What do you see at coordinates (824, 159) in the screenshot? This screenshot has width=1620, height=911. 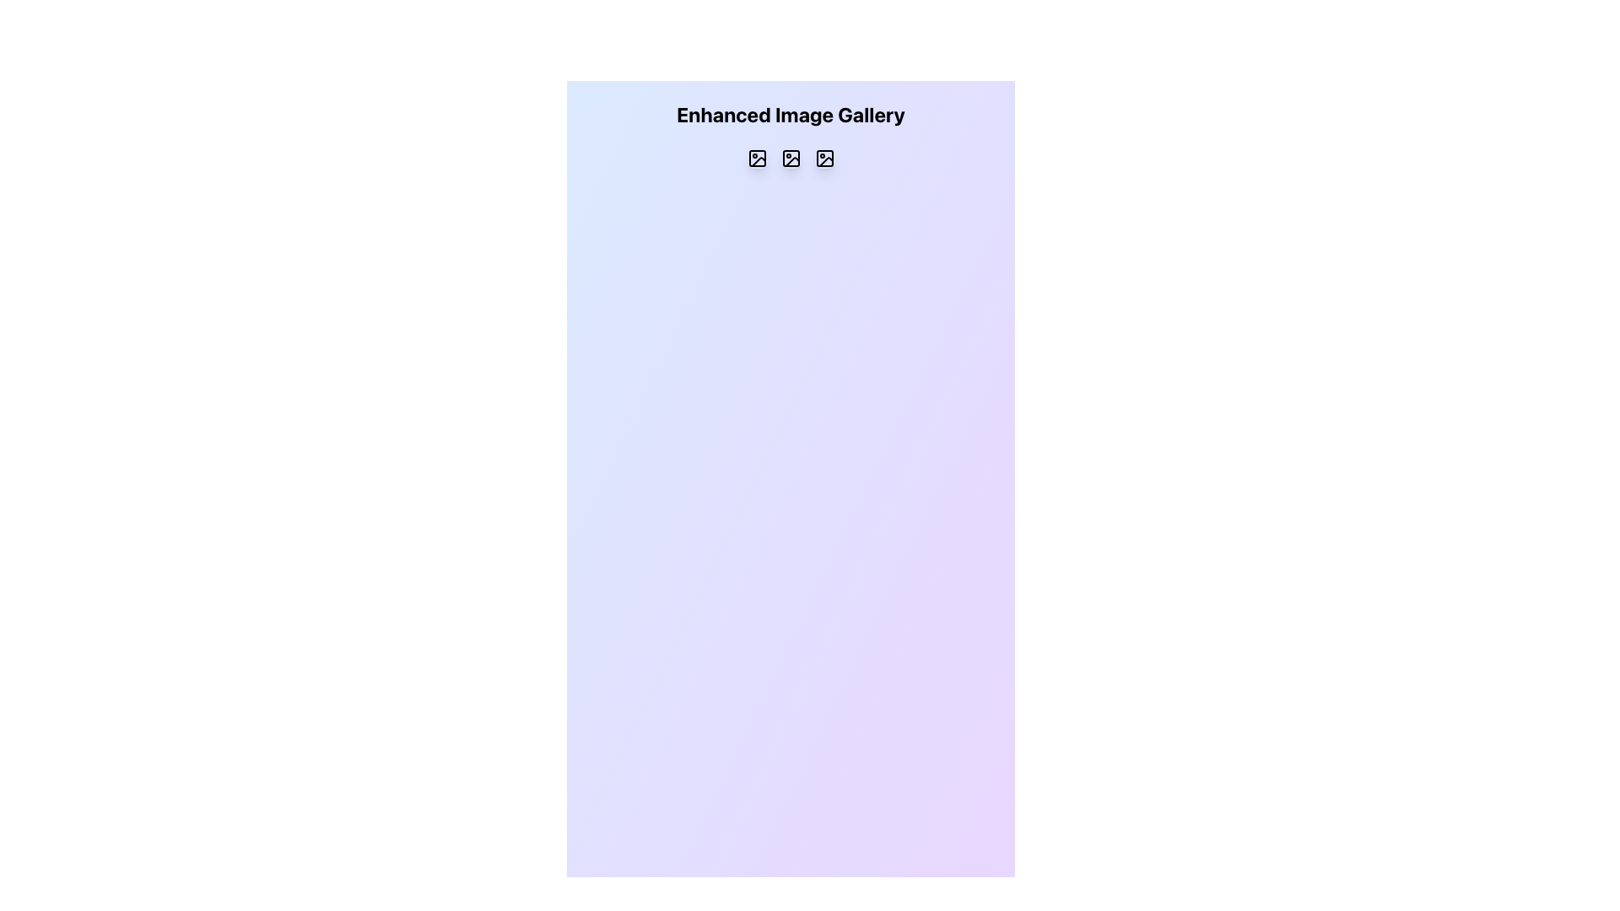 I see `the third rectangular SVG shape in the top-right segment of the interface that contributes to an image-like icon` at bounding box center [824, 159].